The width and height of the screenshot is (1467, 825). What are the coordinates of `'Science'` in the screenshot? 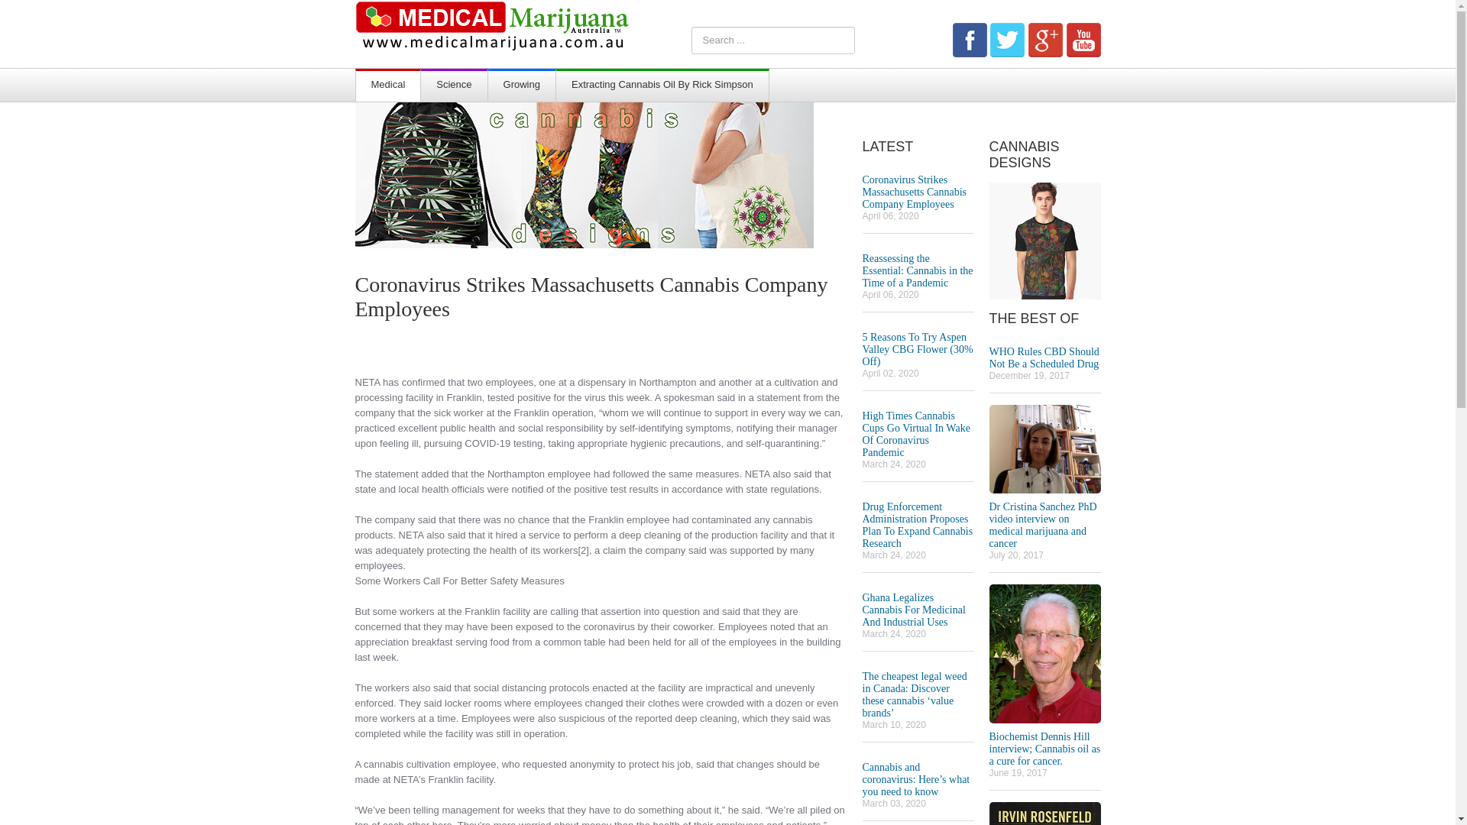 It's located at (421, 86).